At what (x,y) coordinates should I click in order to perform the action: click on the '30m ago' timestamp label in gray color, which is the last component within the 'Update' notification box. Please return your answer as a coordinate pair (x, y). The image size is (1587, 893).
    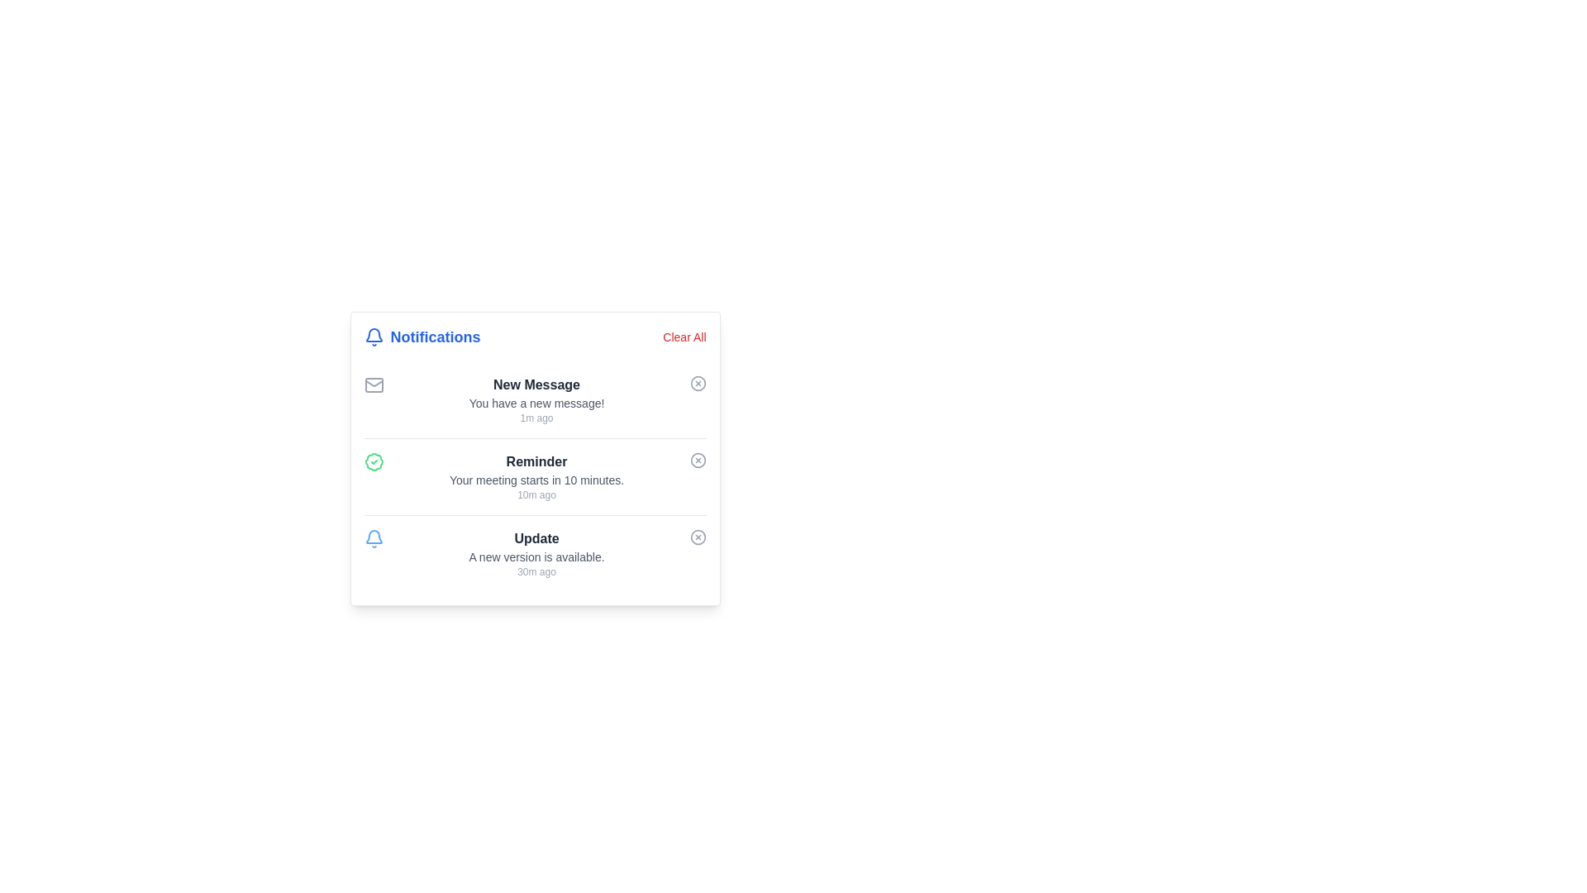
    Looking at the image, I should click on (536, 571).